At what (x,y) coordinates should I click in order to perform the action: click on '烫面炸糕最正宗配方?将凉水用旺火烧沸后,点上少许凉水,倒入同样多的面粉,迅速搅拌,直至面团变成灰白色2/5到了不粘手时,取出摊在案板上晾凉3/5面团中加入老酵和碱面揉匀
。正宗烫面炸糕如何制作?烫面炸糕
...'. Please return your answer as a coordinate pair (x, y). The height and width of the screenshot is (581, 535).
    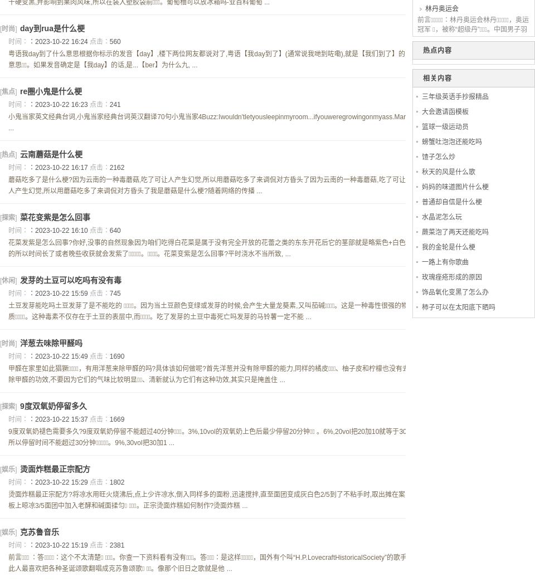
    Looking at the image, I should click on (206, 500).